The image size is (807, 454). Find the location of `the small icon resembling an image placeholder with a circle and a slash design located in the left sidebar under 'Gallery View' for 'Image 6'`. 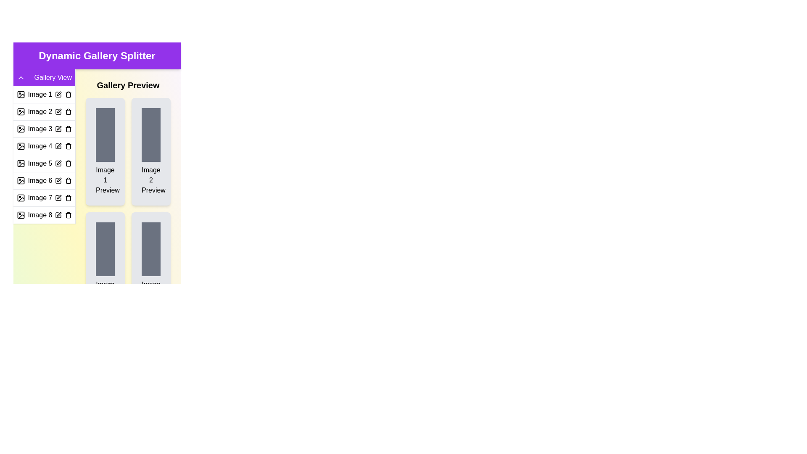

the small icon resembling an image placeholder with a circle and a slash design located in the left sidebar under 'Gallery View' for 'Image 6' is located at coordinates (21, 180).